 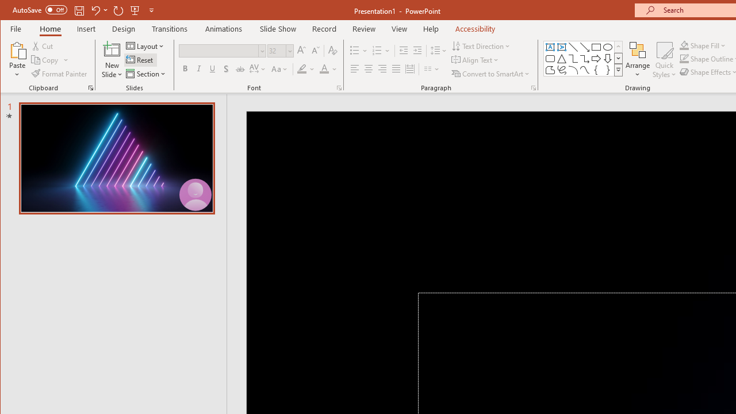 I want to click on 'Section', so click(x=146, y=74).